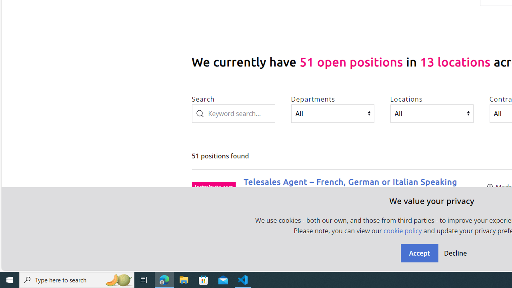 The height and width of the screenshot is (288, 512). What do you see at coordinates (455, 253) in the screenshot?
I see `'Decline'` at bounding box center [455, 253].